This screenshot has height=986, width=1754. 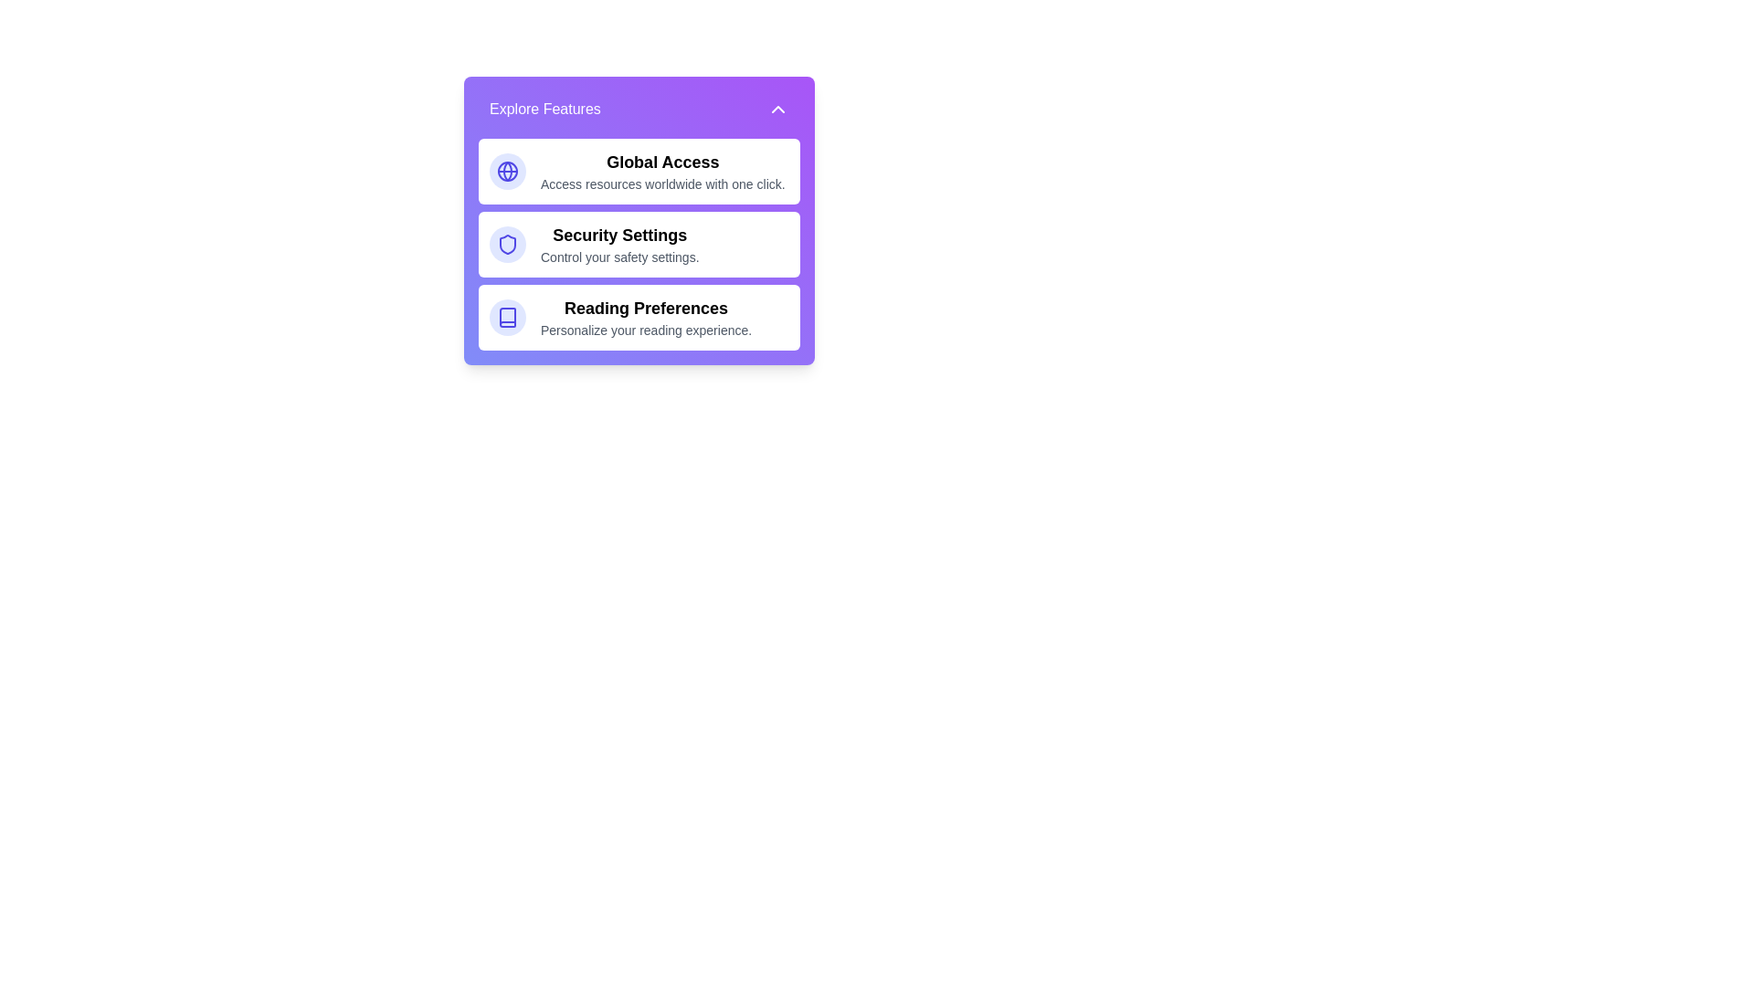 I want to click on the 'Security Settings' text label, which is styled in bold and larger font, so click(x=619, y=243).